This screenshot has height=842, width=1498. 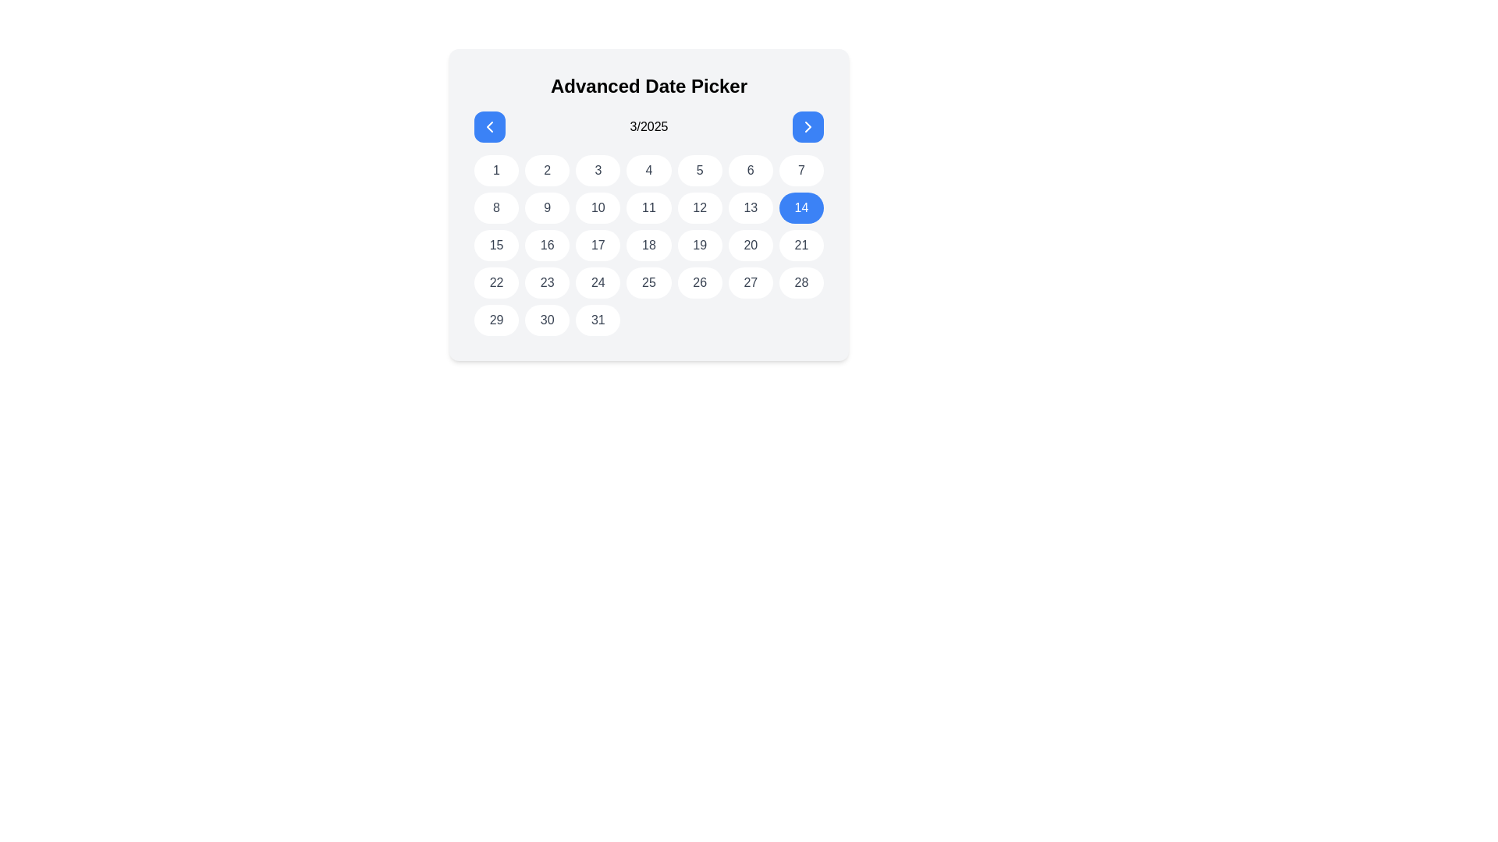 What do you see at coordinates (597, 320) in the screenshot?
I see `the button for selecting the date '31' in the calendar interface` at bounding box center [597, 320].